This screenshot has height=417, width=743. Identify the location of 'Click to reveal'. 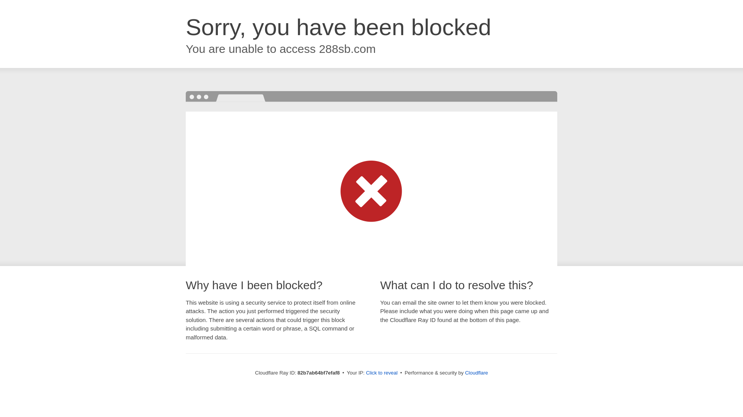
(382, 372).